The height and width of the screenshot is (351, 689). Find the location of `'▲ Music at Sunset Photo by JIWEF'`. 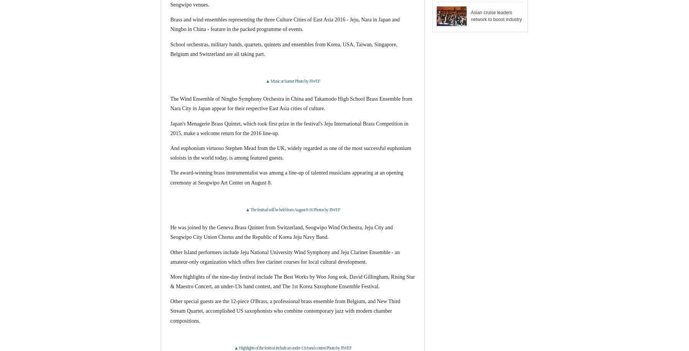

'▲ Music at Sunset Photo by JIWEF' is located at coordinates (292, 81).